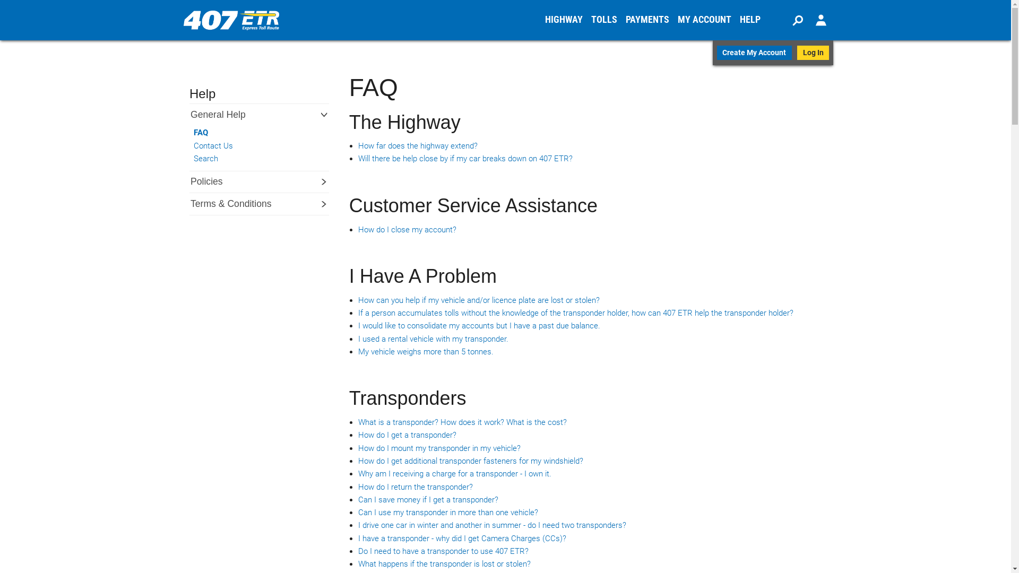  I want to click on 'MY ACCOUNT', so click(704, 20).